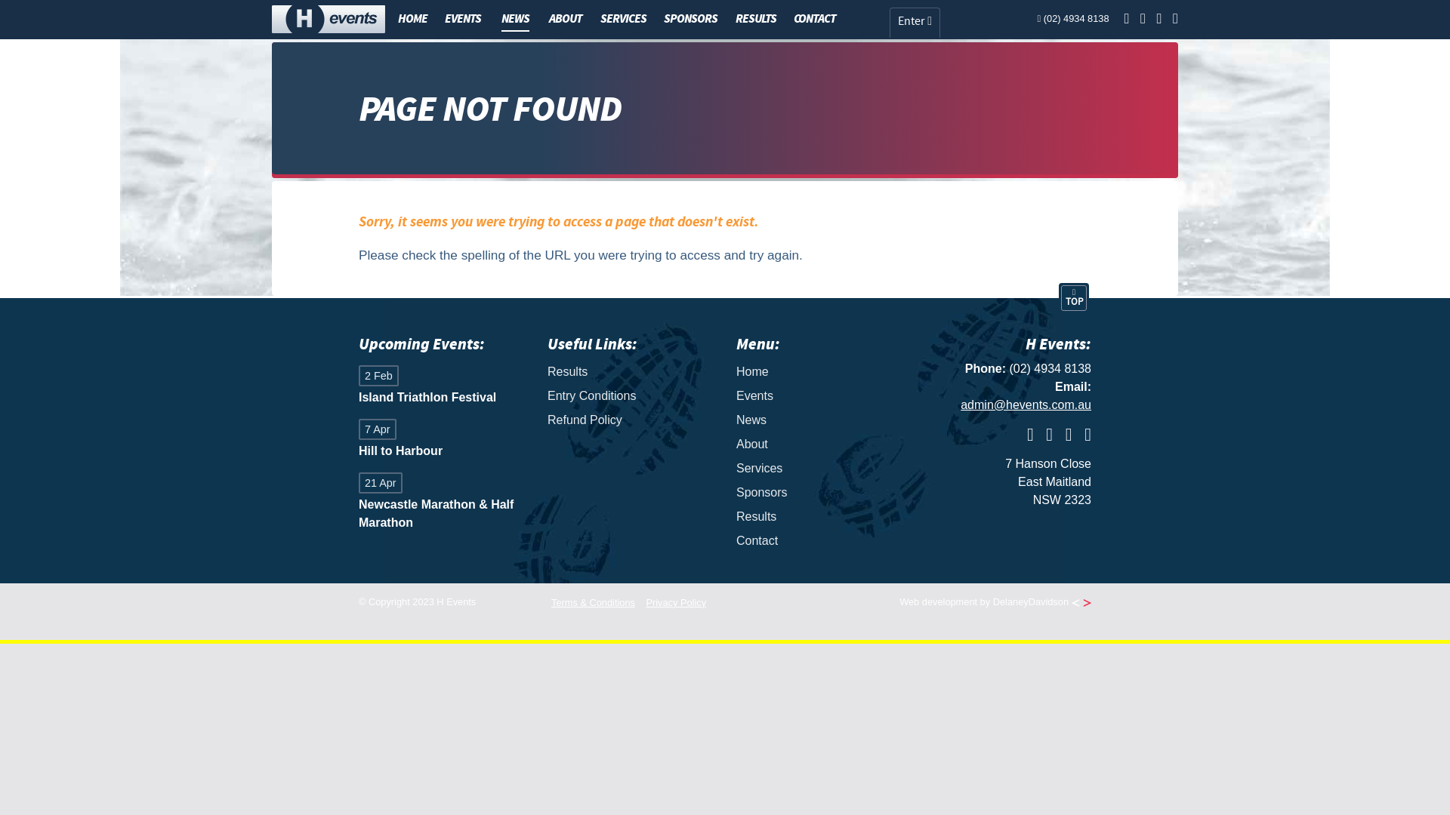 The width and height of the screenshot is (1450, 815). What do you see at coordinates (756, 18) in the screenshot?
I see `'RESULTS'` at bounding box center [756, 18].